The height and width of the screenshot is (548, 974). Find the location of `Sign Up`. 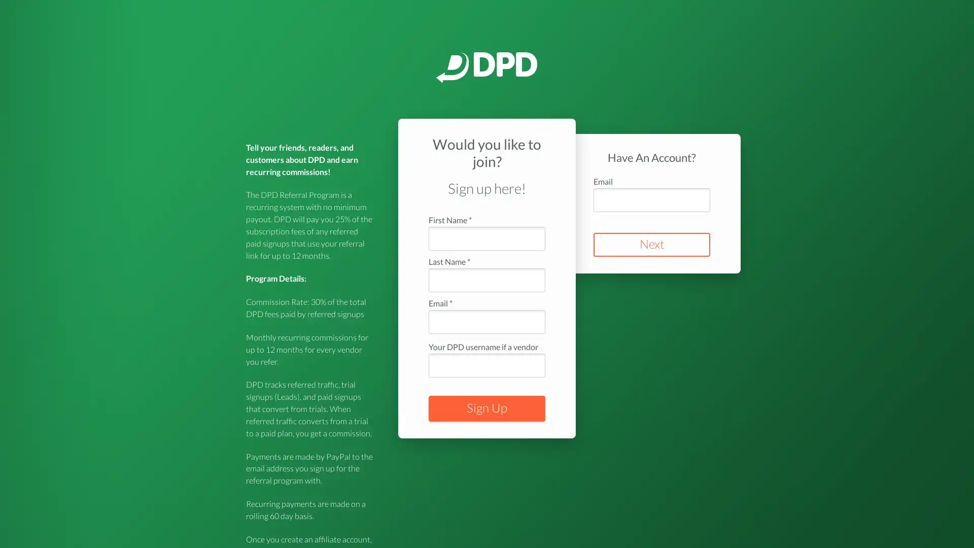

Sign Up is located at coordinates (487, 408).